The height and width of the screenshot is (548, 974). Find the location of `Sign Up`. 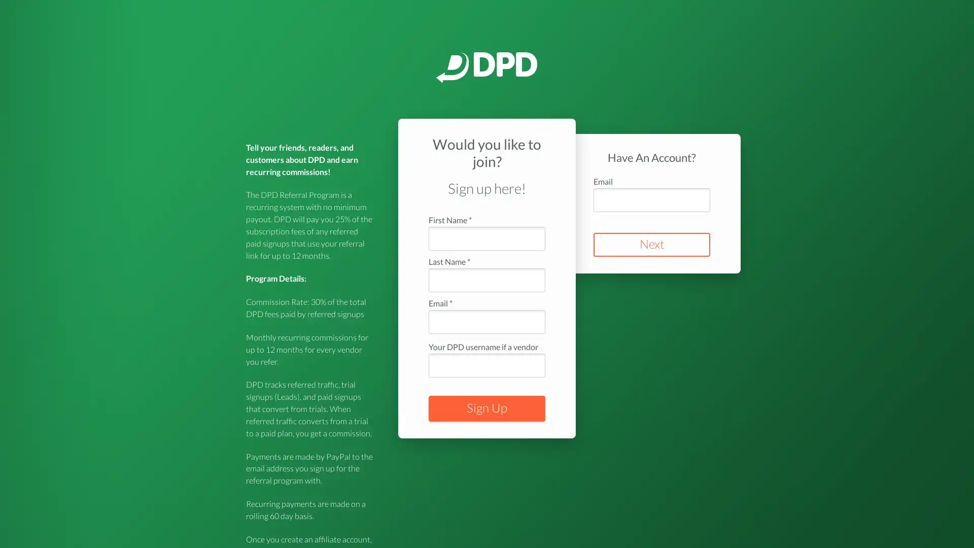

Sign Up is located at coordinates (487, 408).